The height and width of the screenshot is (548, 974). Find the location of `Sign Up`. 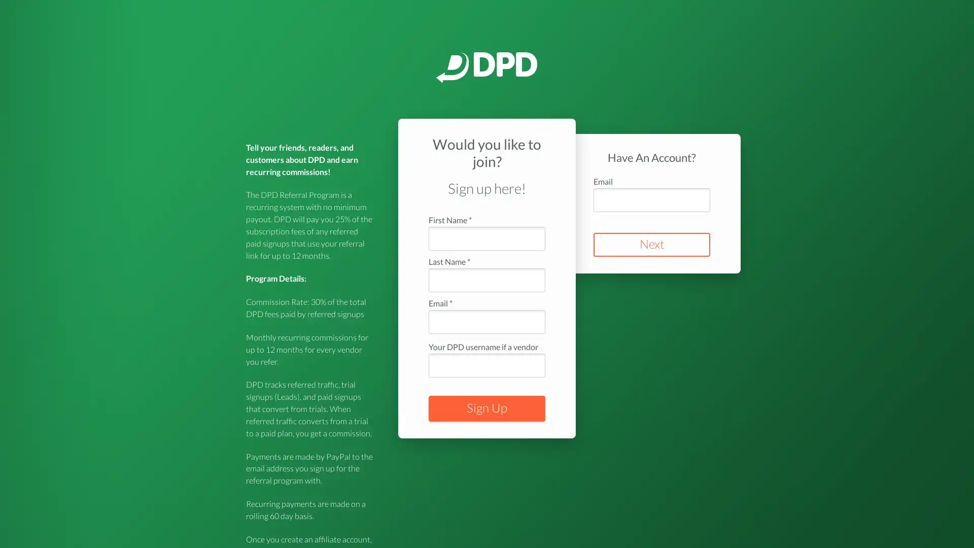

Sign Up is located at coordinates (487, 408).